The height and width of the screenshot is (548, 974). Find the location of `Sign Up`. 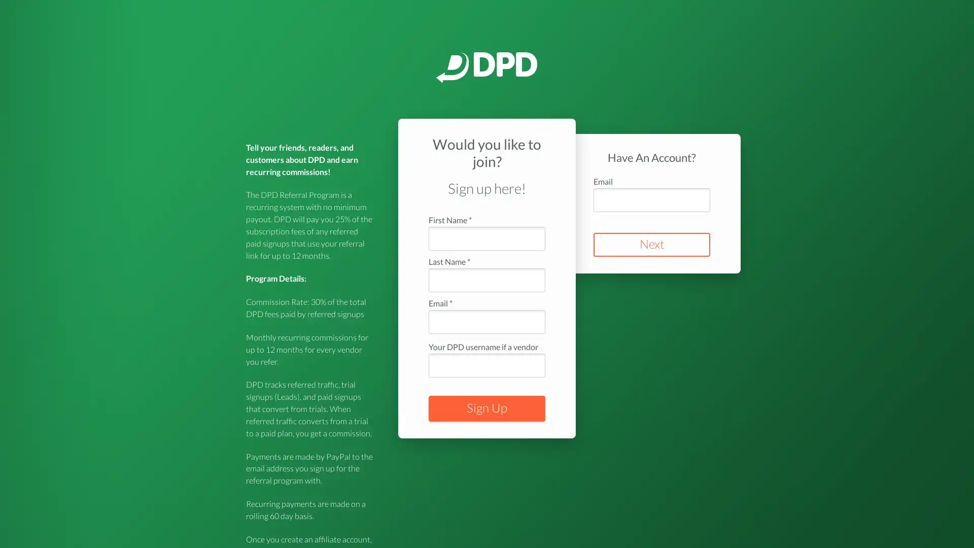

Sign Up is located at coordinates (487, 408).